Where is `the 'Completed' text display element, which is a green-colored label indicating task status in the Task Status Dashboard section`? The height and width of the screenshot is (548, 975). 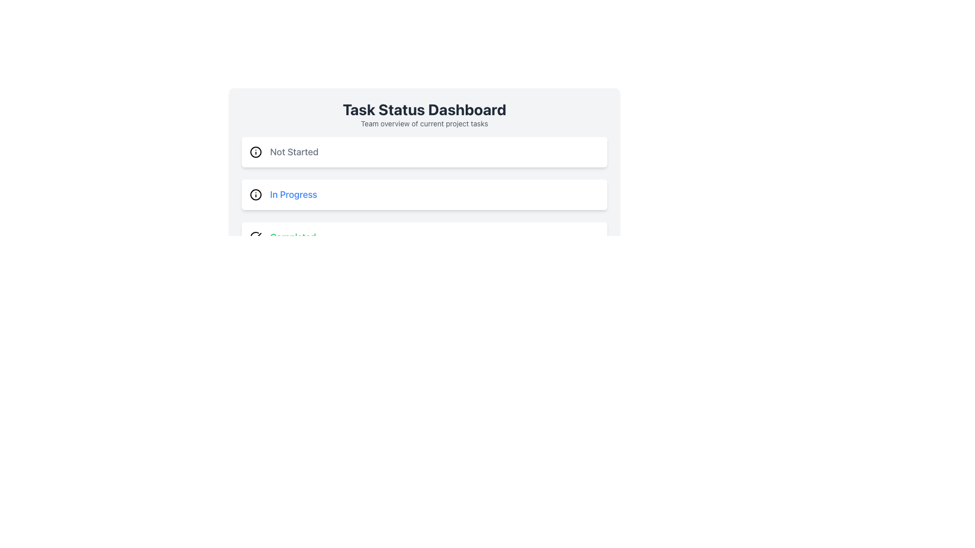
the 'Completed' text display element, which is a green-colored label indicating task status in the Task Status Dashboard section is located at coordinates (292, 237).